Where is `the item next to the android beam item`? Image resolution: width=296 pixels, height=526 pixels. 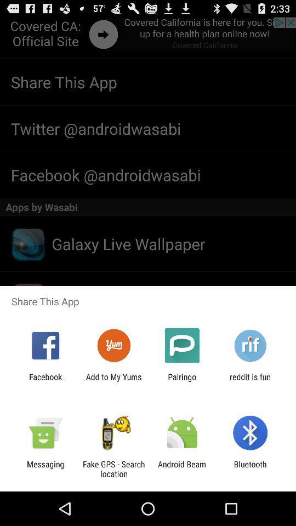
the item next to the android beam item is located at coordinates (113, 468).